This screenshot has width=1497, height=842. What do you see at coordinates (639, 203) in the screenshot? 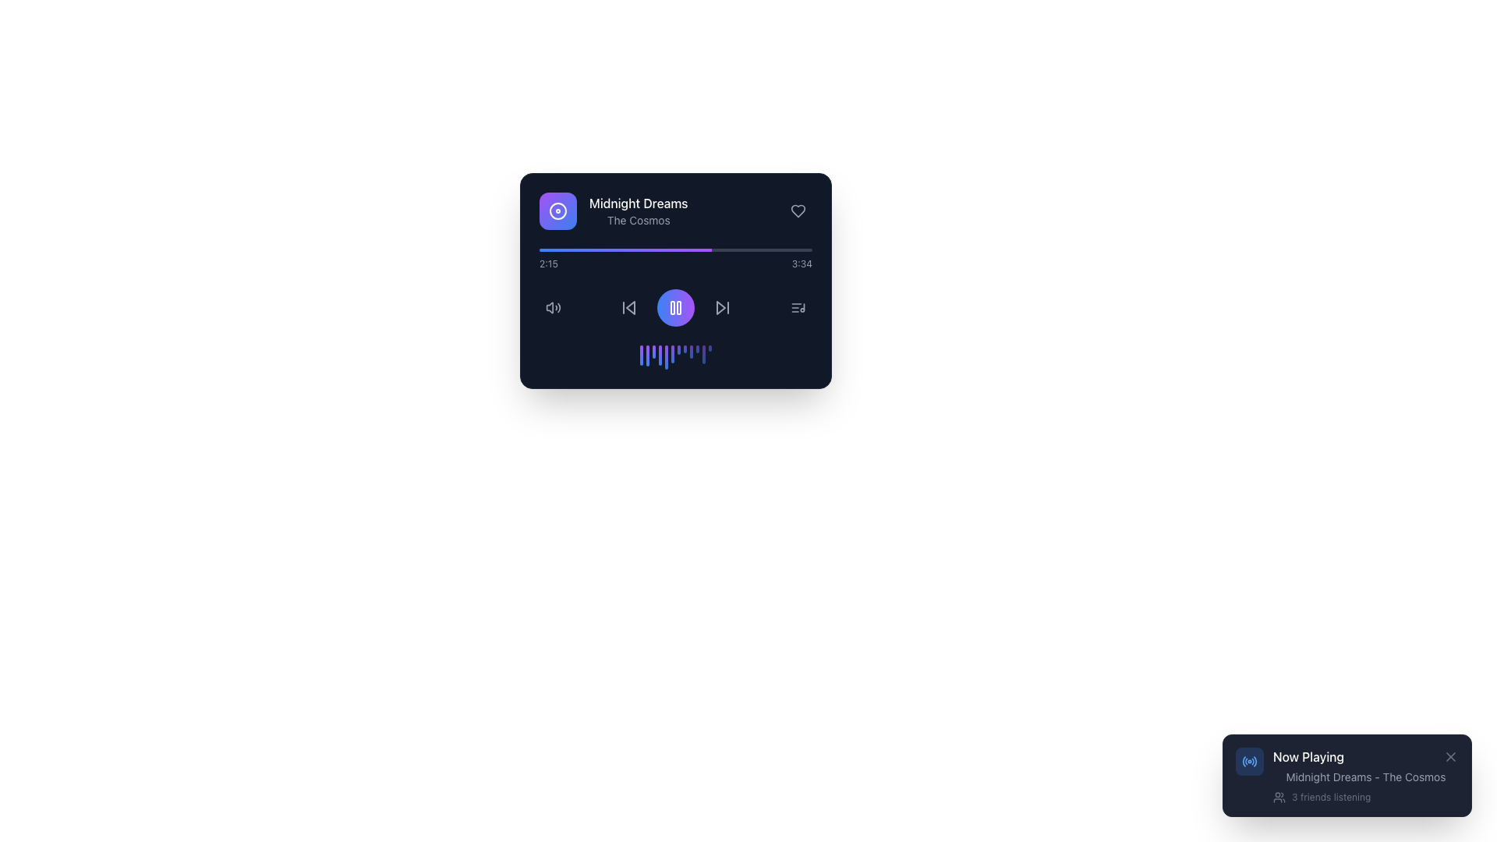
I see `text label displaying 'Midnight Dreams' in a white font, positioned above 'The Cosmos' in the music player interface` at bounding box center [639, 203].